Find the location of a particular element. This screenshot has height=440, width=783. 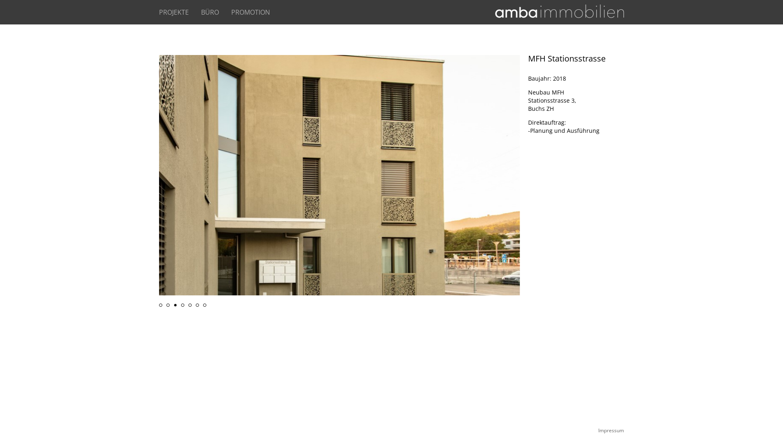

'3' is located at coordinates (175, 305).